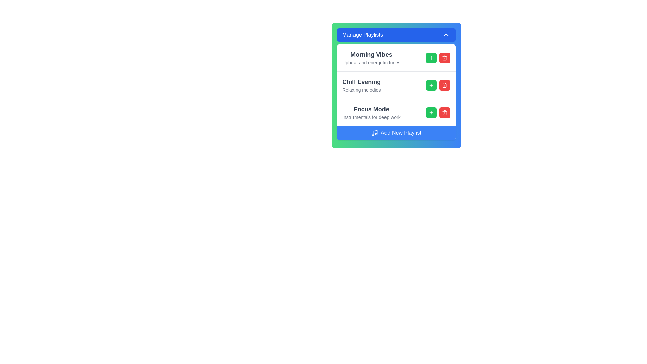 The height and width of the screenshot is (364, 647). Describe the element at coordinates (396, 92) in the screenshot. I see `title 'Chill Evening' and subtitle 'Relaxing melodies' of the playlist item located in the second row of the playlist list within the 'Manage Playlists' section` at that location.